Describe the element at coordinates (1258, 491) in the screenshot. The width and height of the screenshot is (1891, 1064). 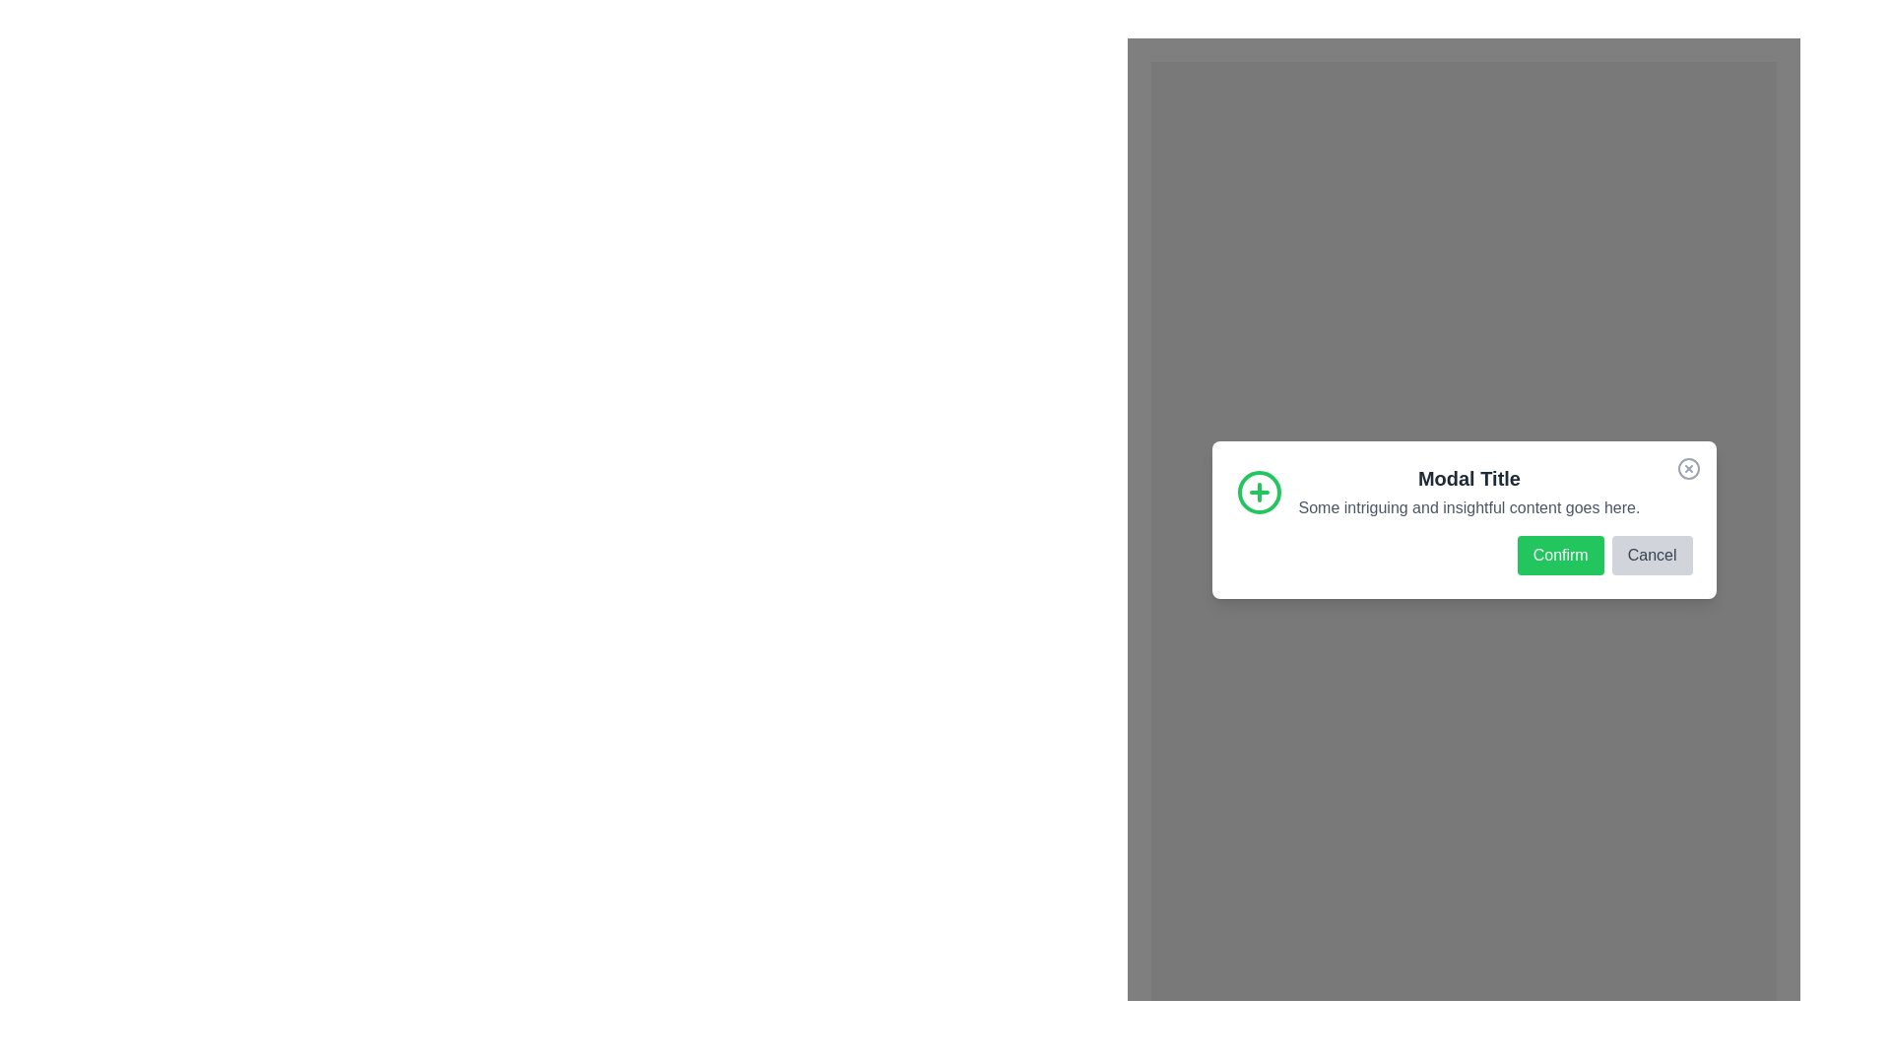
I see `the 'add' button icon located at the leftmost part of the modal's header area` at that location.